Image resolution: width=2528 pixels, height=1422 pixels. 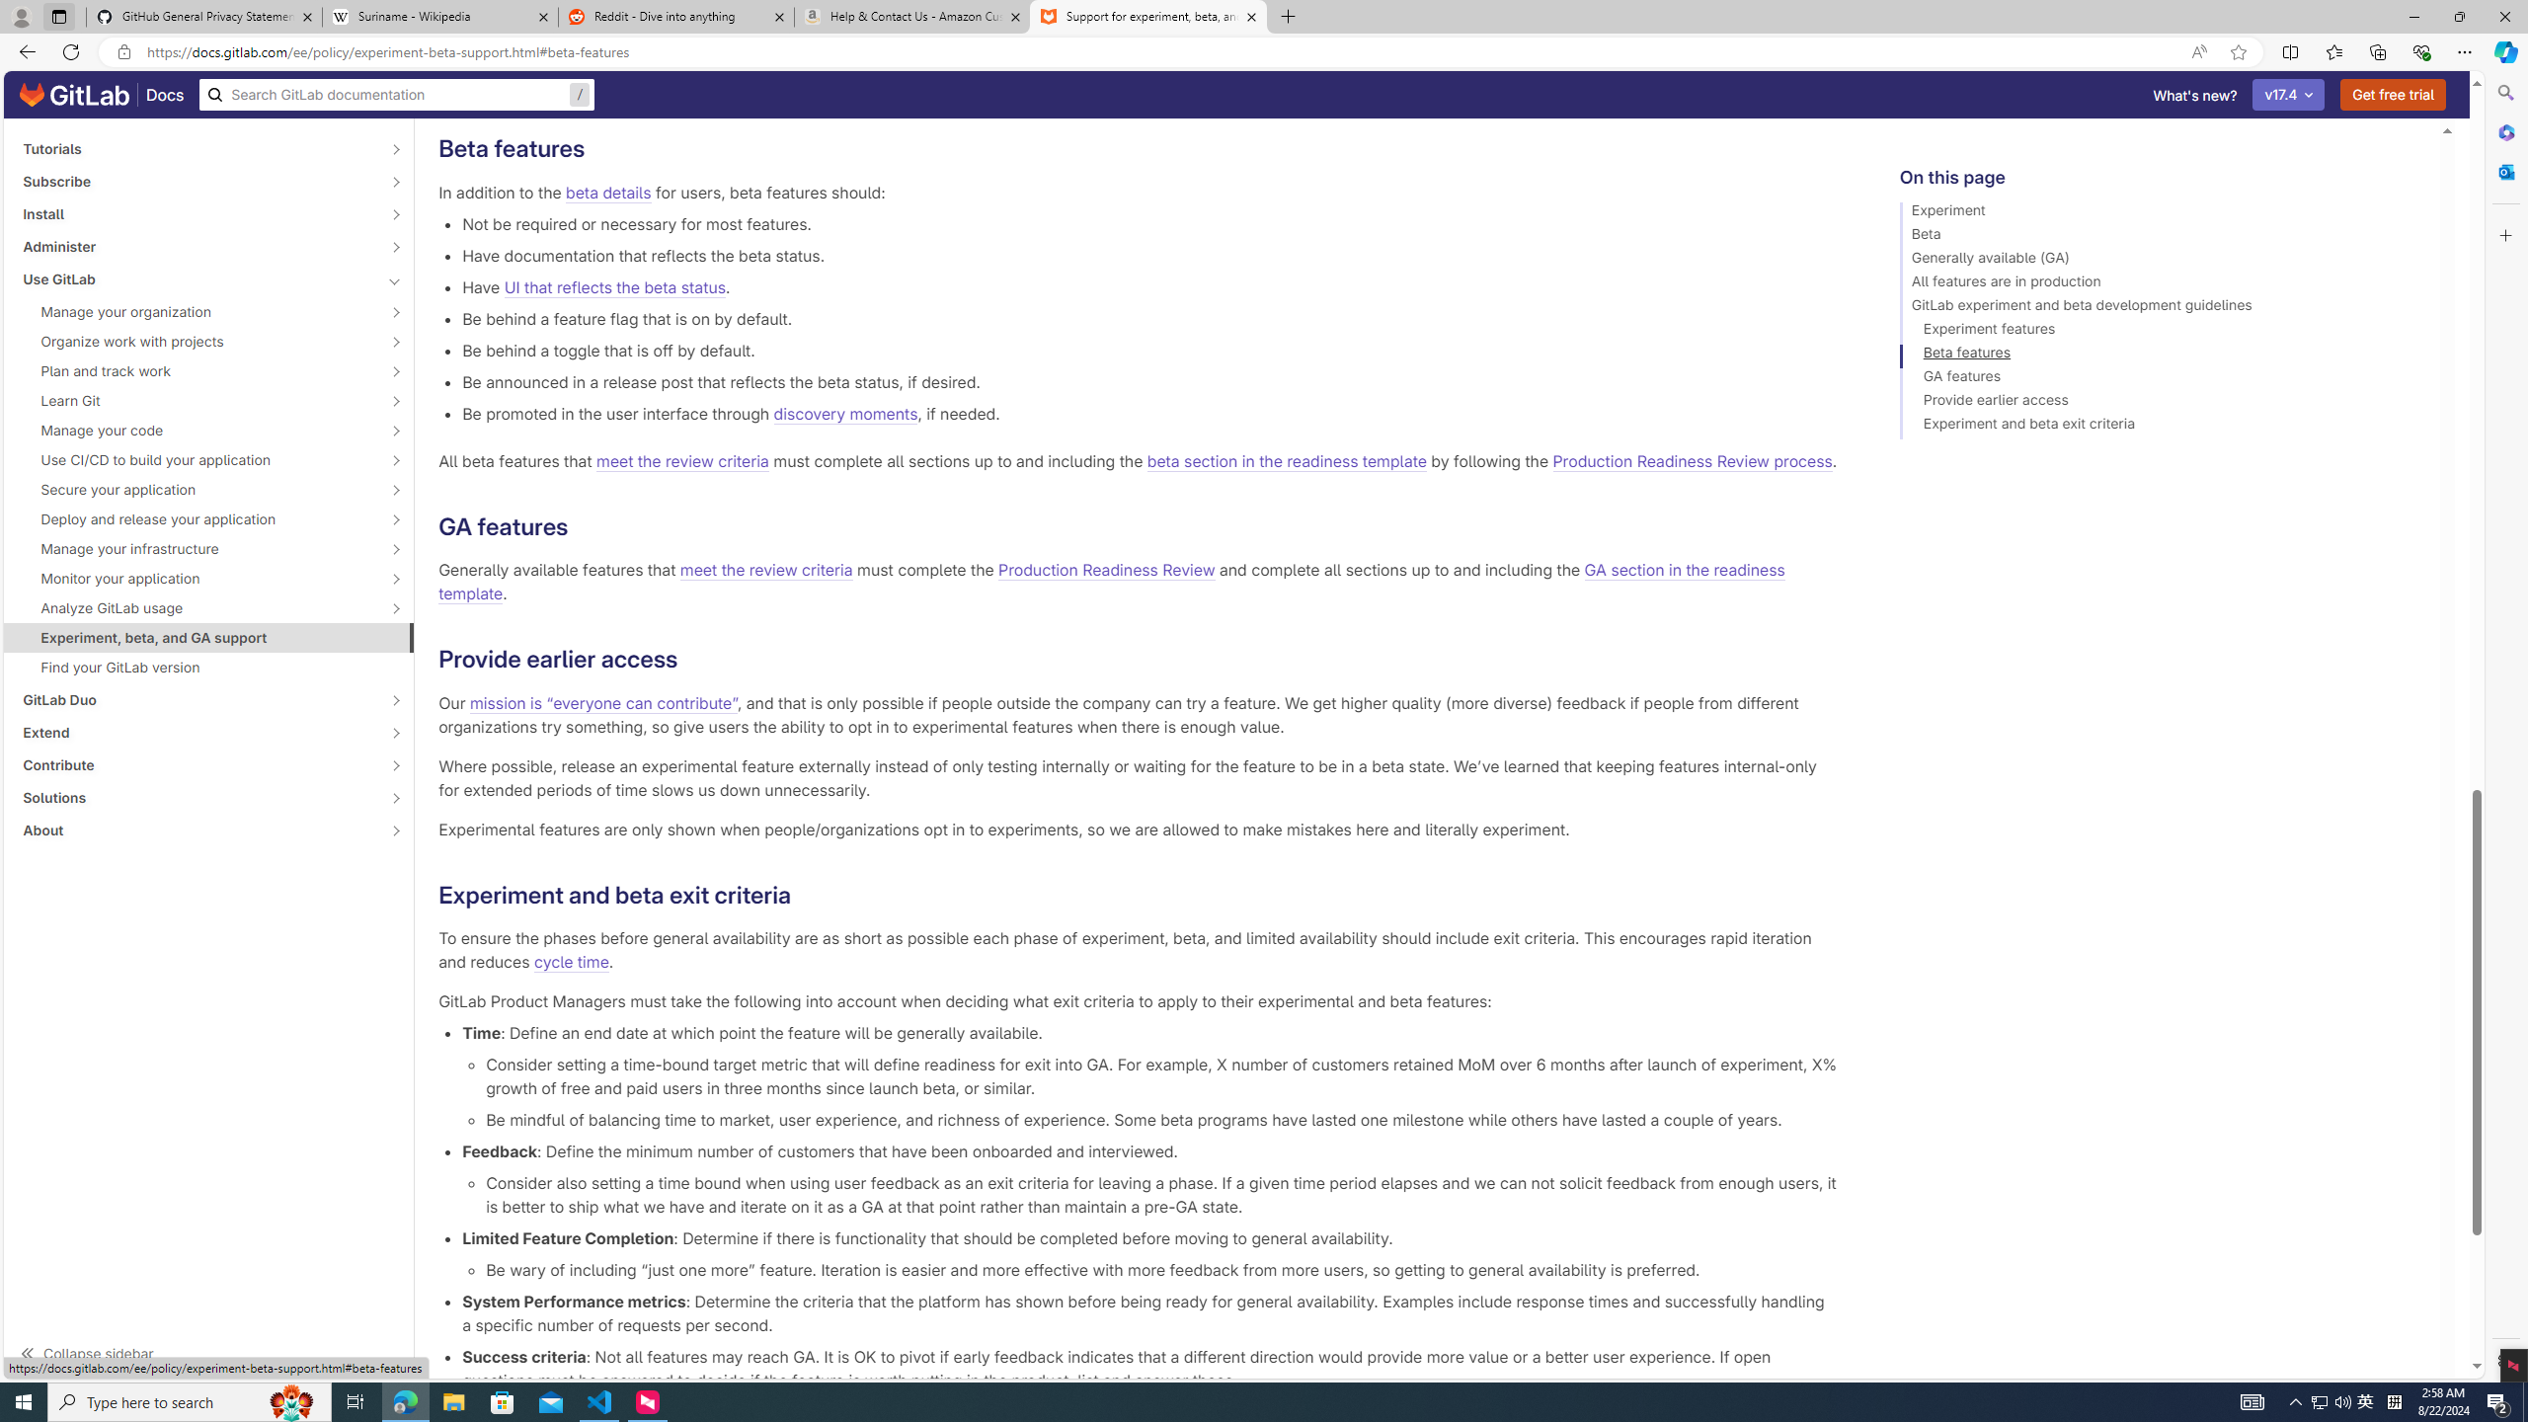 What do you see at coordinates (197, 181) in the screenshot?
I see `'Subscribe'` at bounding box center [197, 181].